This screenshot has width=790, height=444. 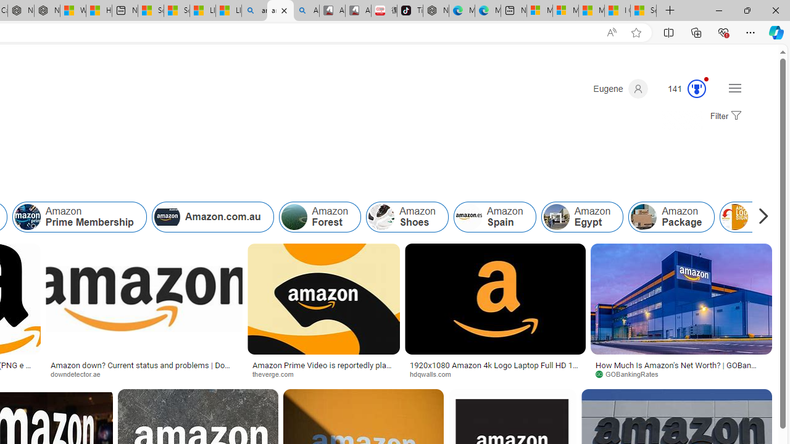 What do you see at coordinates (323, 373) in the screenshot?
I see `'theverge.com'` at bounding box center [323, 373].